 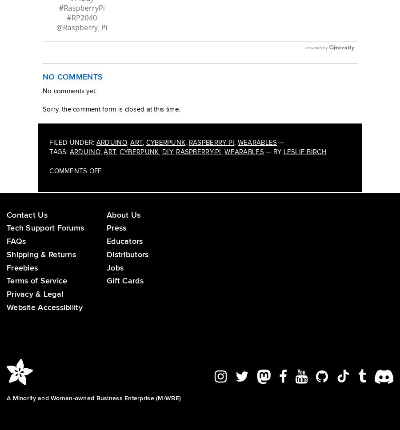 What do you see at coordinates (34, 303) in the screenshot?
I see `'Privacy & Legal'` at bounding box center [34, 303].